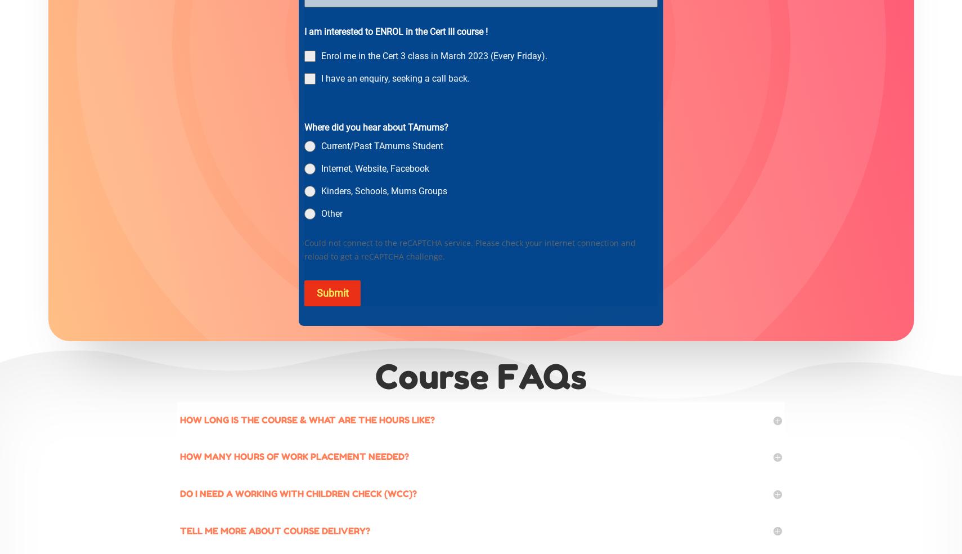  I want to click on 'We will send you details to proceed with your application for the course.', so click(444, 96).